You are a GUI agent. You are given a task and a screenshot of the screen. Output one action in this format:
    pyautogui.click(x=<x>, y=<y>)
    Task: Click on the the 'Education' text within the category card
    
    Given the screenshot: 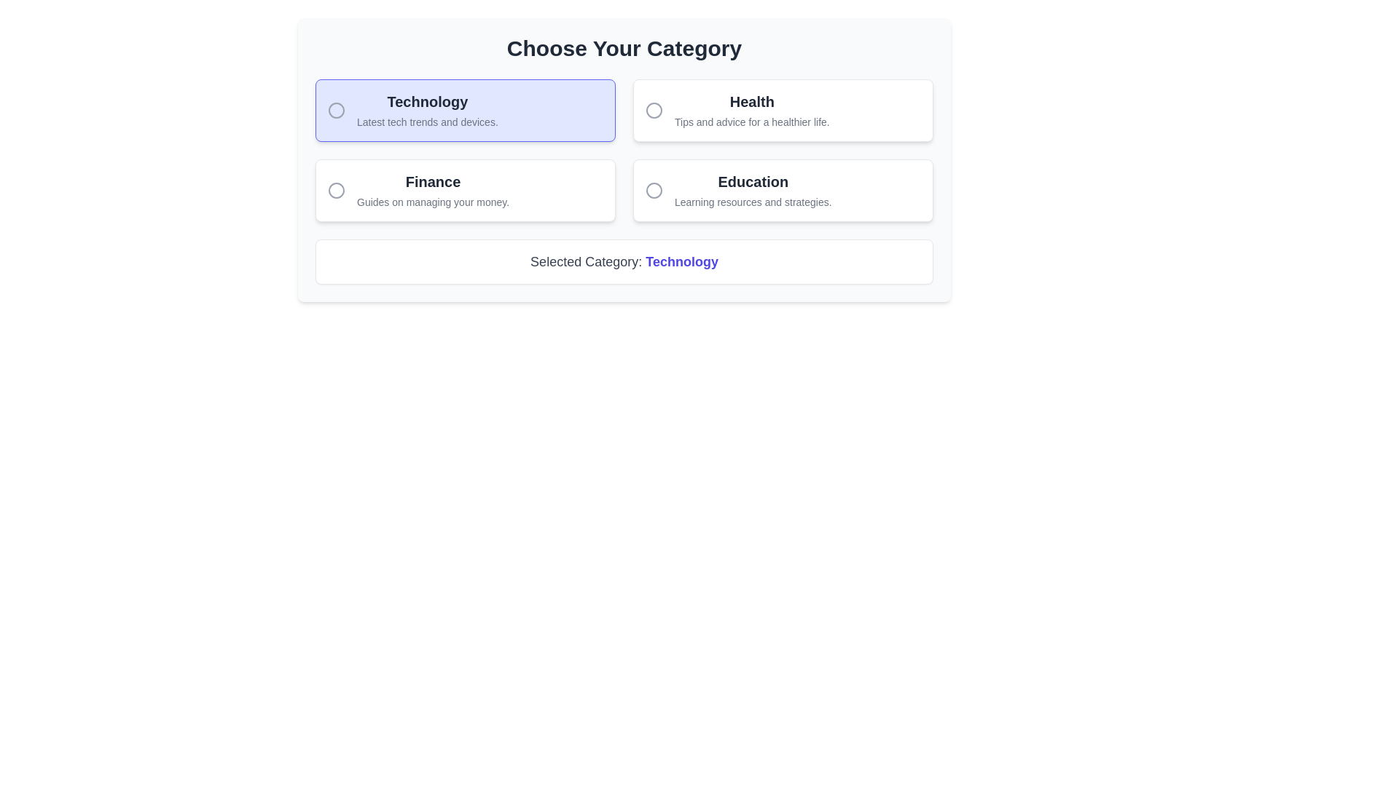 What is the action you would take?
    pyautogui.click(x=753, y=190)
    